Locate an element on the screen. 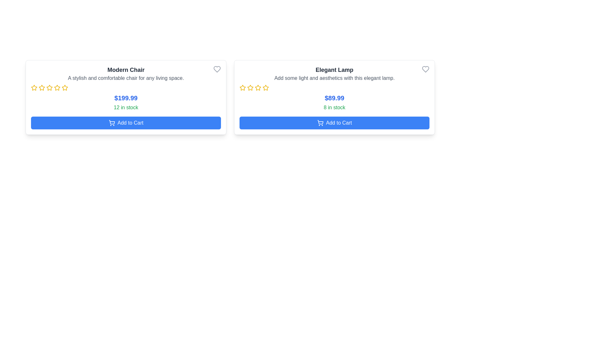  the heart-shaped icon in the top-right corner of the 'Elegant Lamp' product card to mark the product as favorite is located at coordinates (425, 69).